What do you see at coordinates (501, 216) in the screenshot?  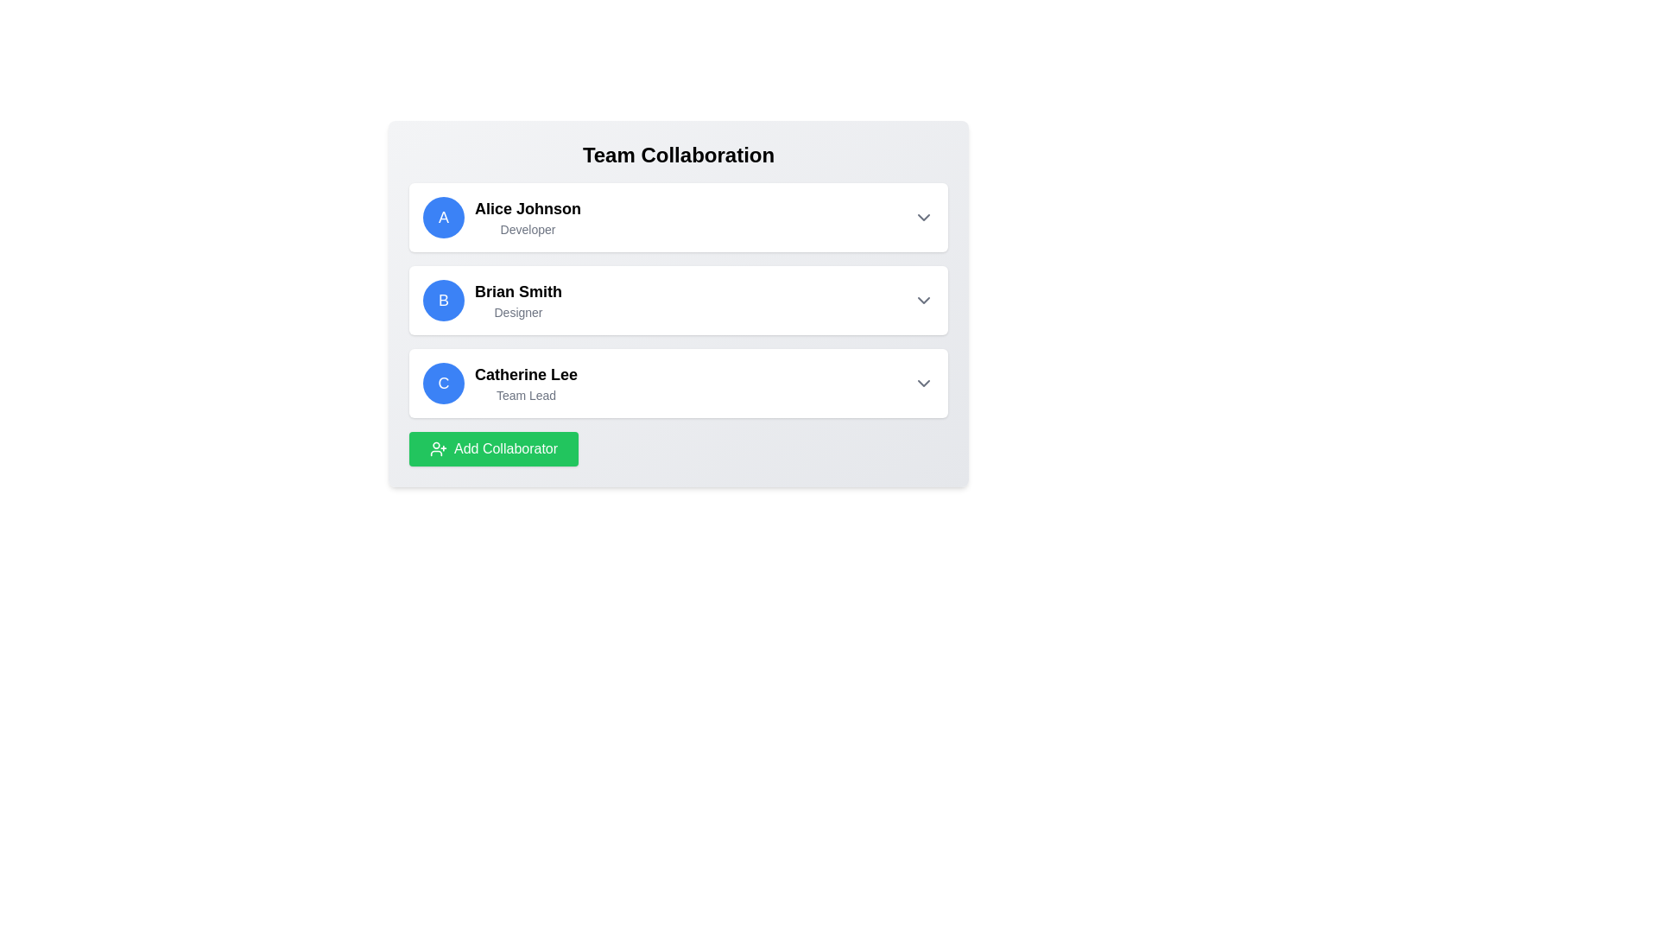 I see `the Composite User Info Display located at the top of the Team Collaboration section` at bounding box center [501, 216].